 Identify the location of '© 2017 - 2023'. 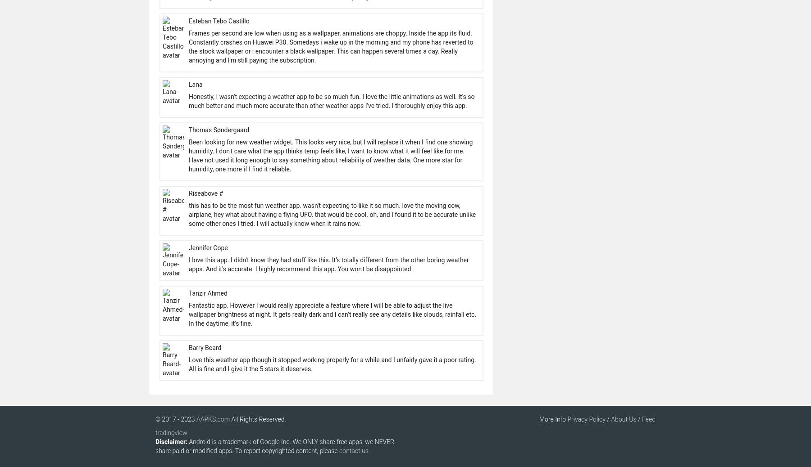
(176, 419).